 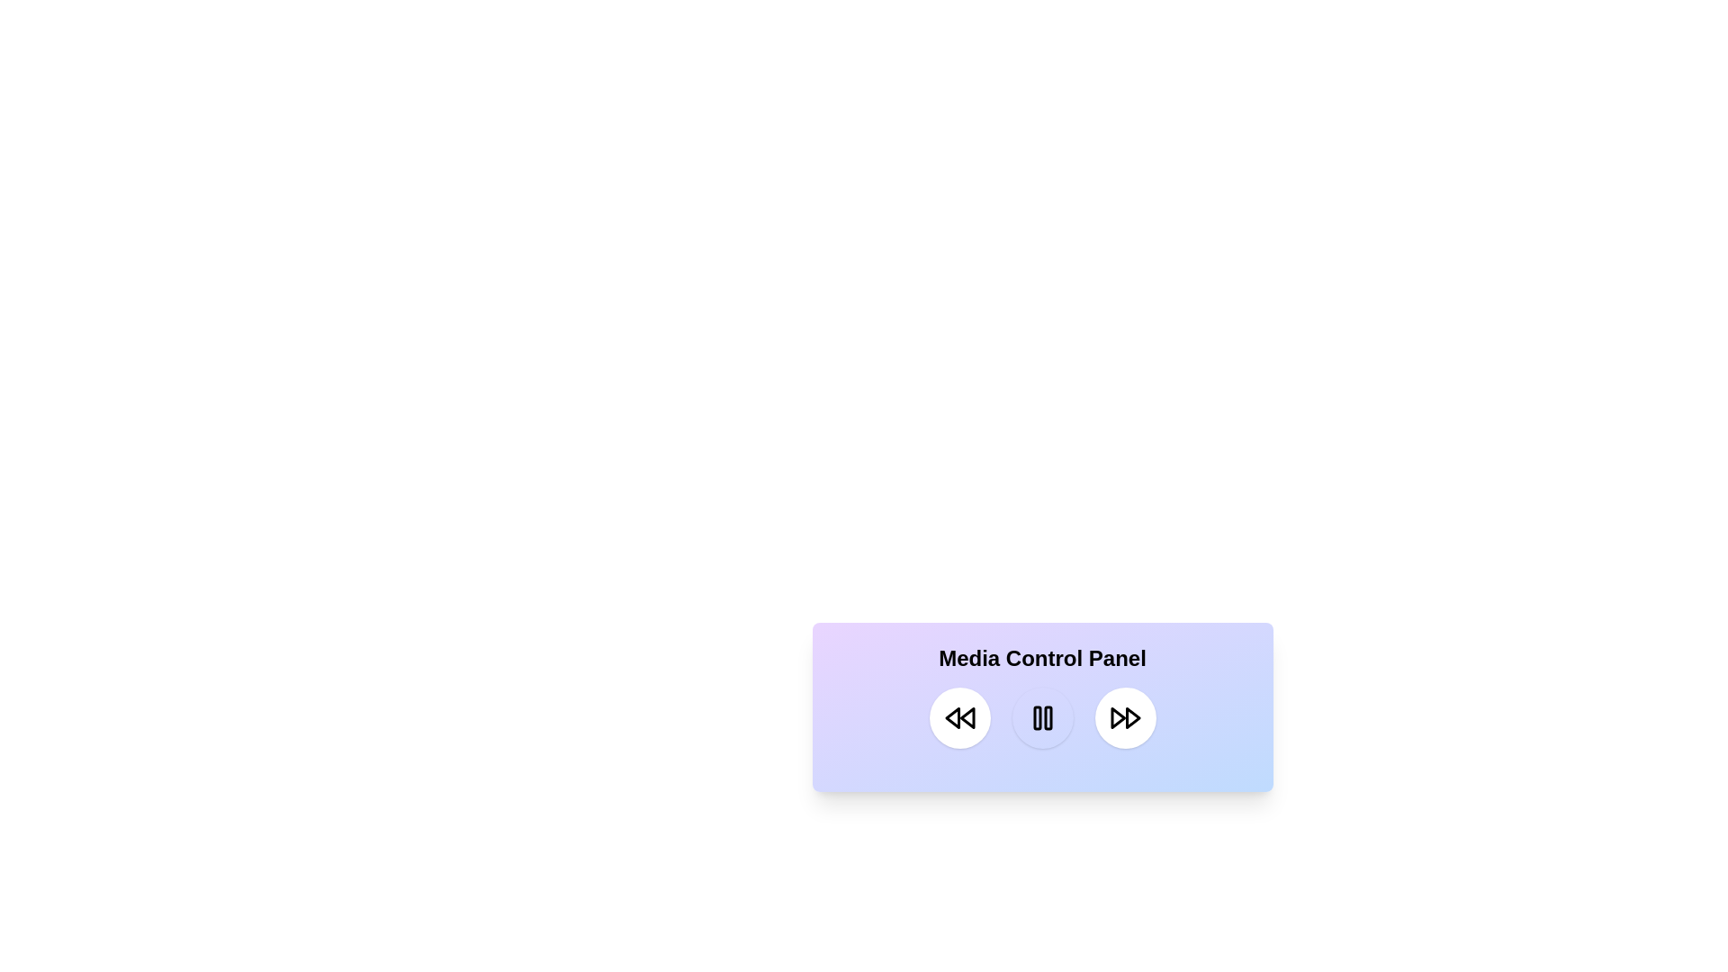 What do you see at coordinates (1124, 717) in the screenshot?
I see `the circular fast-forward button with a white background and an icon of two forward-pointing triangles` at bounding box center [1124, 717].